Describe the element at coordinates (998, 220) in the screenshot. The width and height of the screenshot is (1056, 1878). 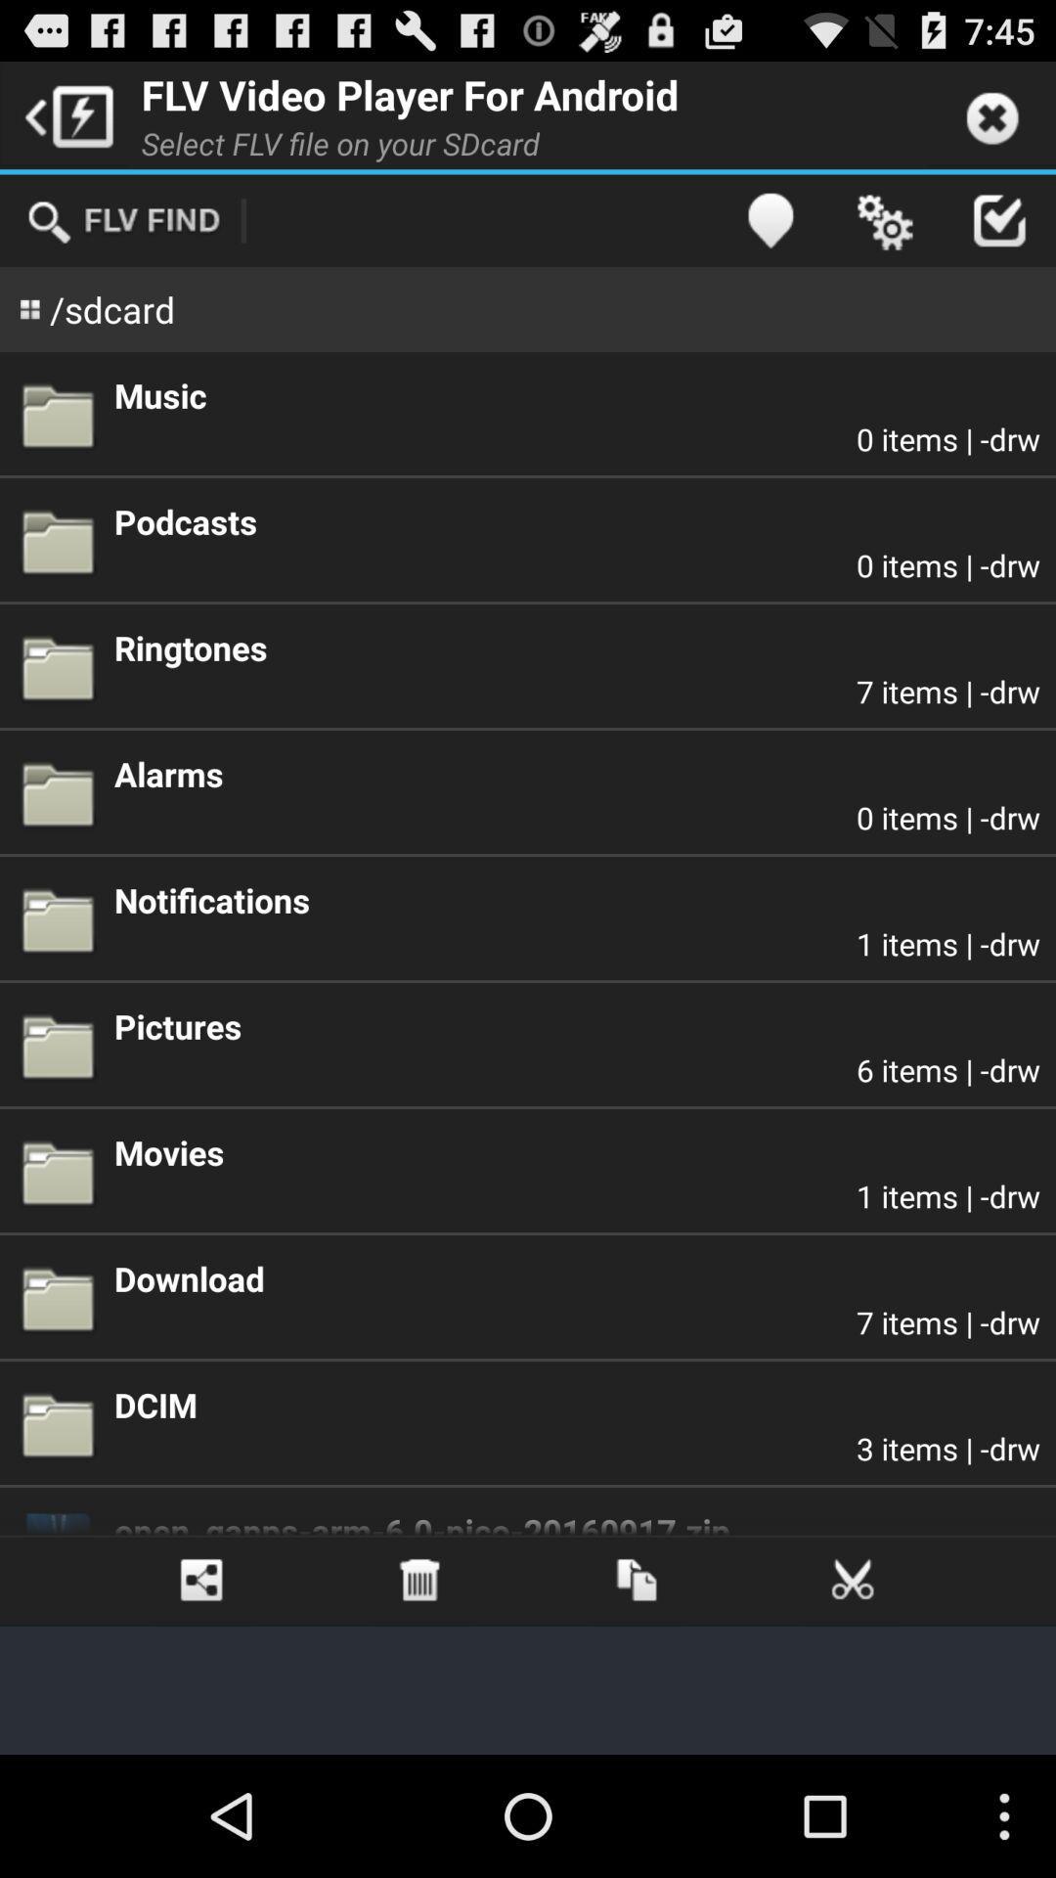
I see `the button which is next to the settings button` at that location.